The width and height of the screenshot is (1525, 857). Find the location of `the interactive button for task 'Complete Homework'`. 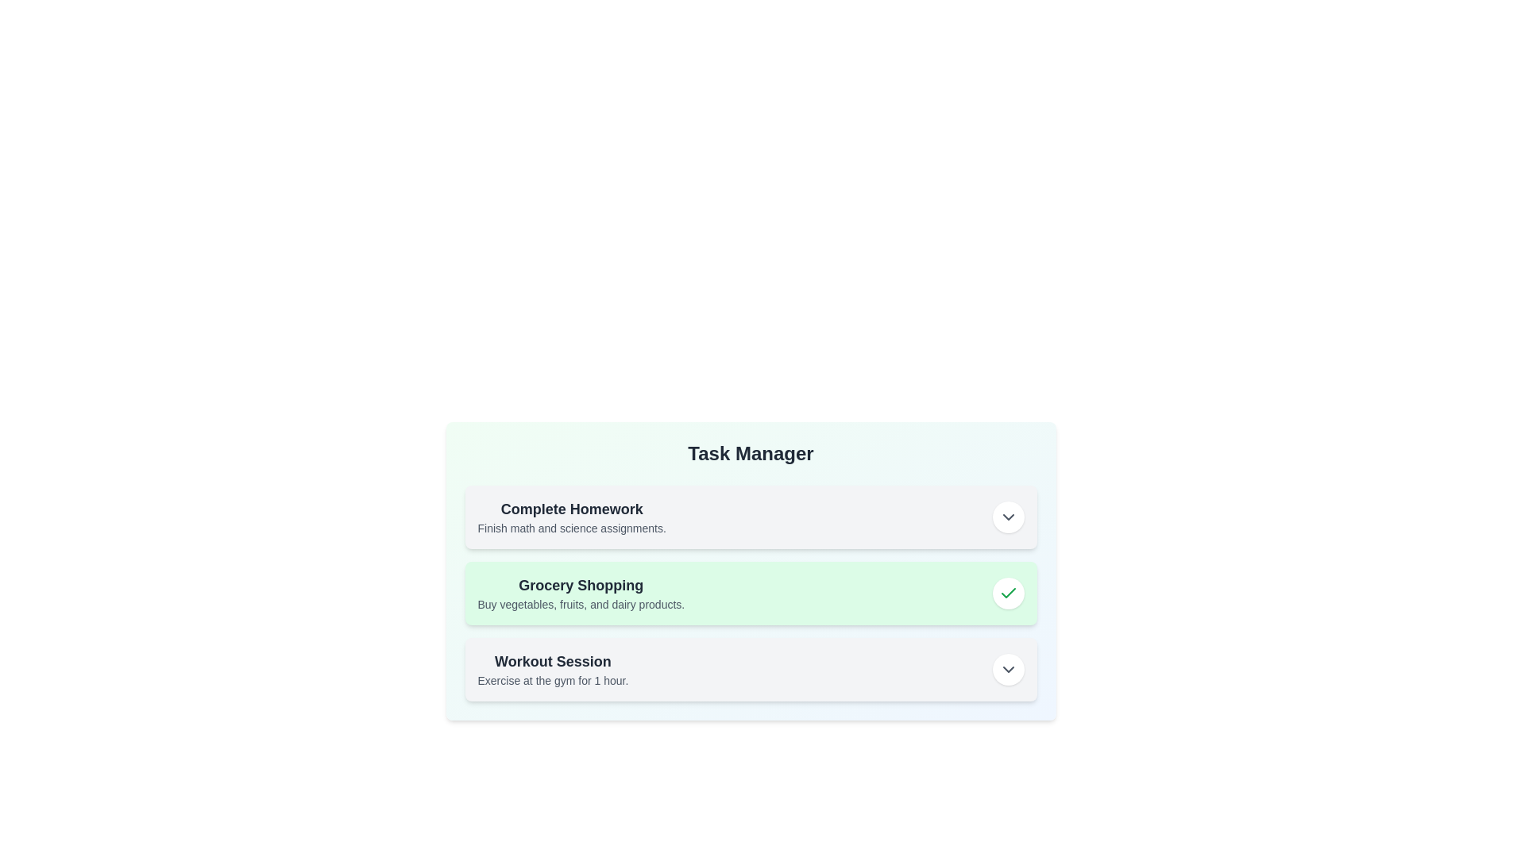

the interactive button for task 'Complete Homework' is located at coordinates (1007, 517).